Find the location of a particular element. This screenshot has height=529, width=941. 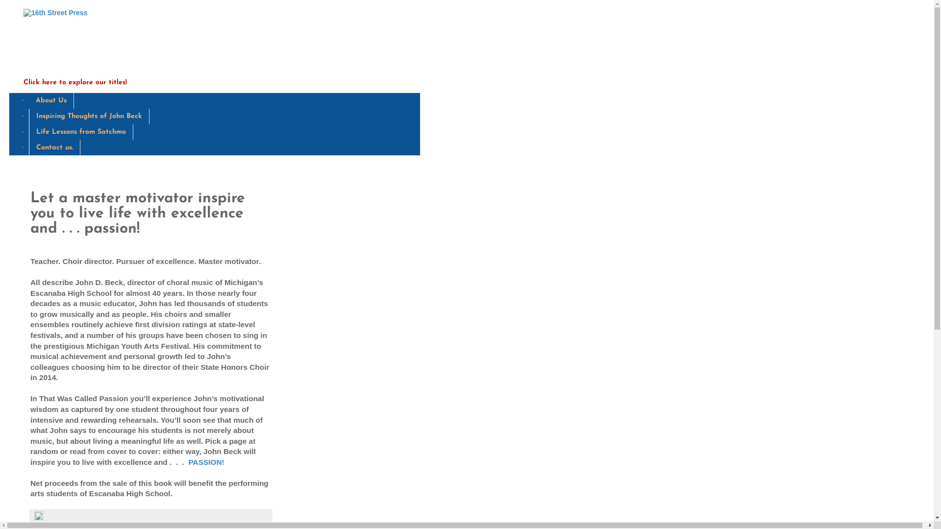

'Contact us.' is located at coordinates (54, 147).